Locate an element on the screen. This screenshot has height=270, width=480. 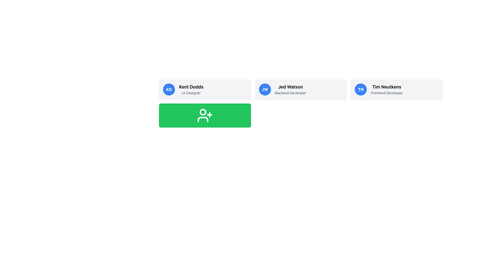
the small white circle located in the upper left region of the SVG icon, which is part of a green rectangular button centered below three user information cards is located at coordinates (203, 112).